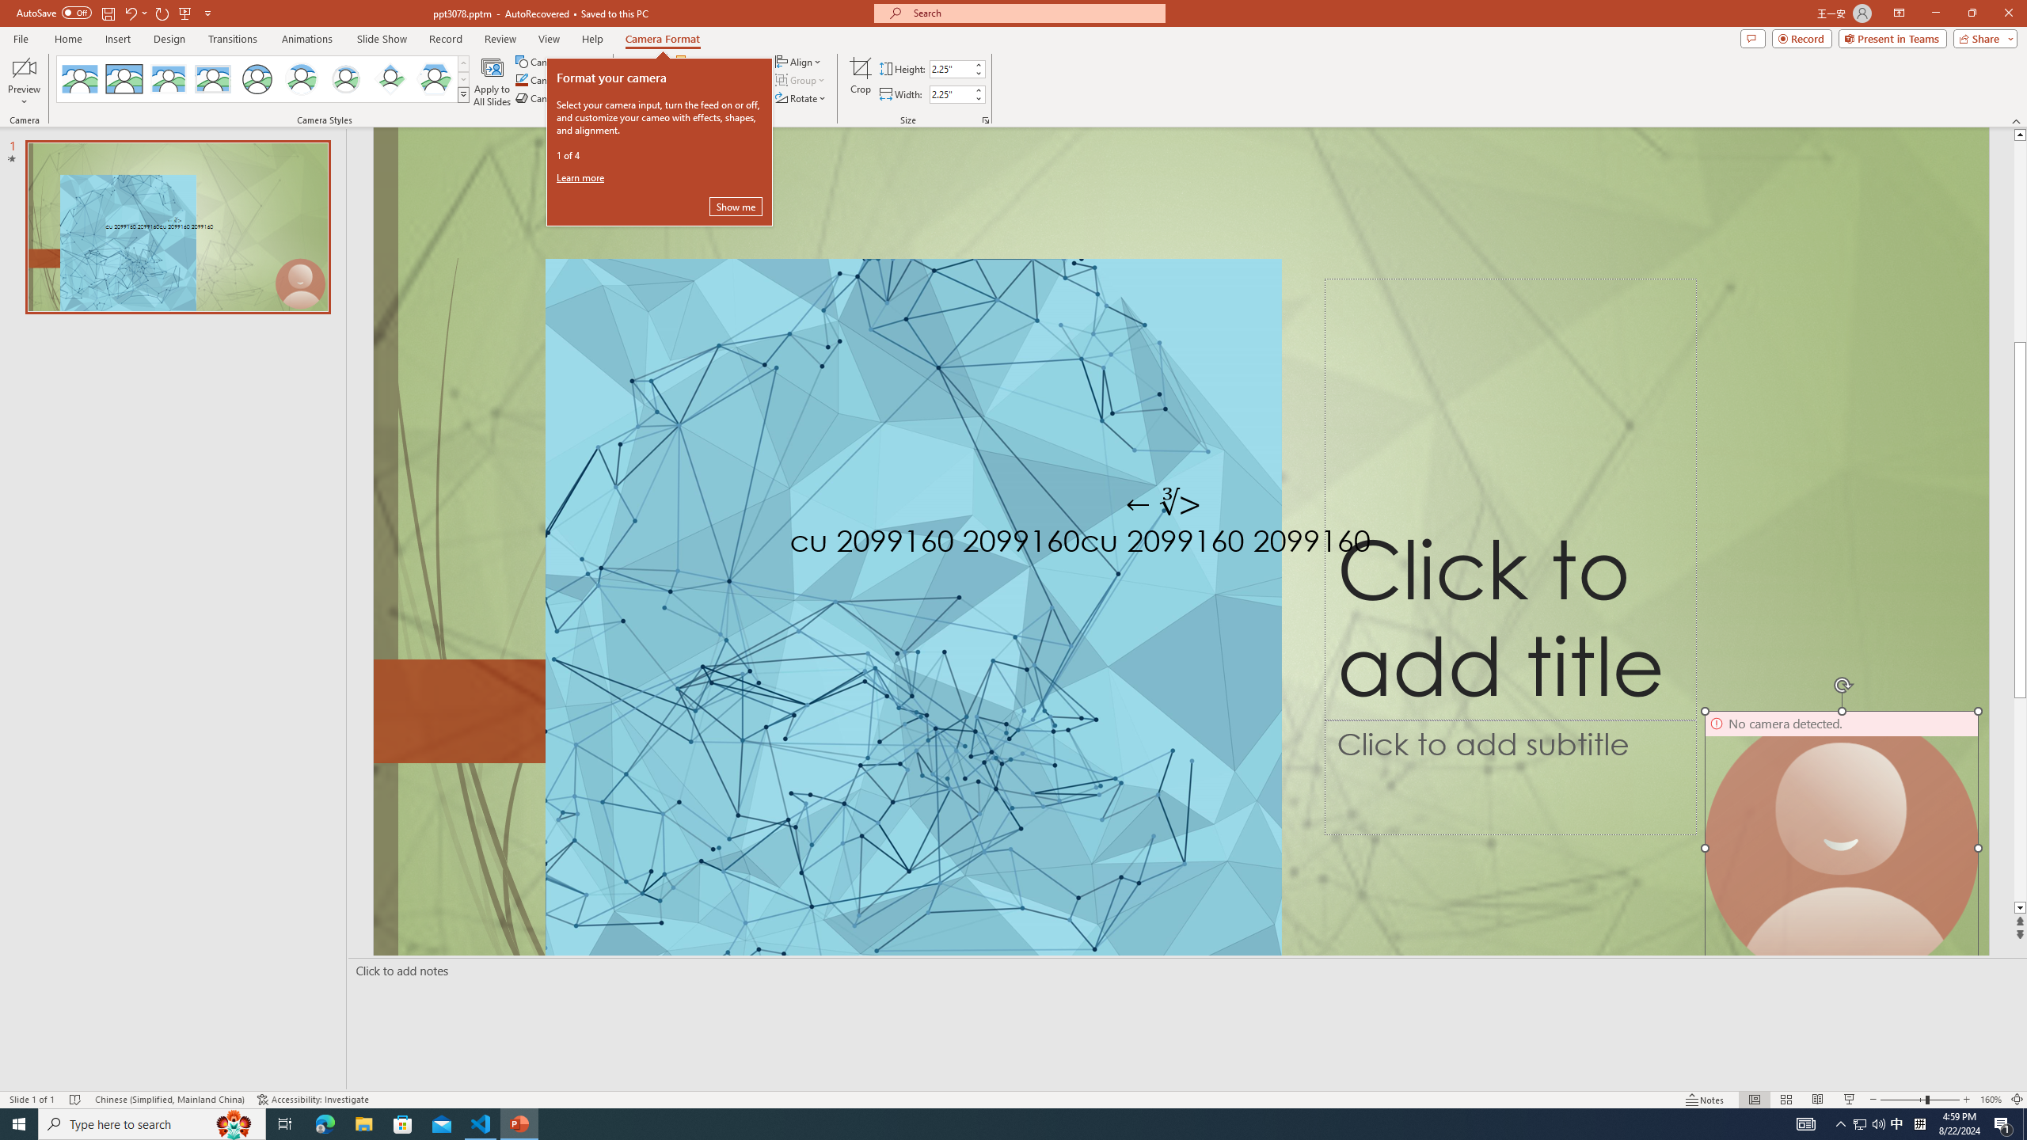  I want to click on 'Camera Format', so click(662, 39).